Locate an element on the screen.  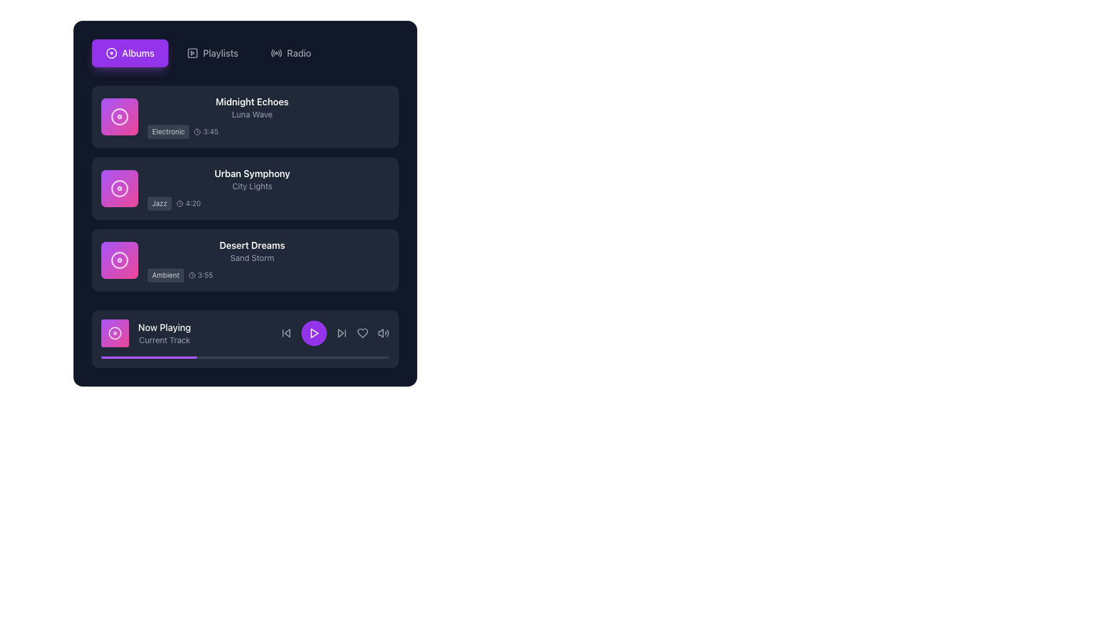
the circular icon with a disc-like design, featuring a smaller central circle surrounded by a larger circular border, located in the 'Desert Dreams' track item card in the music selection interface is located at coordinates (119, 260).